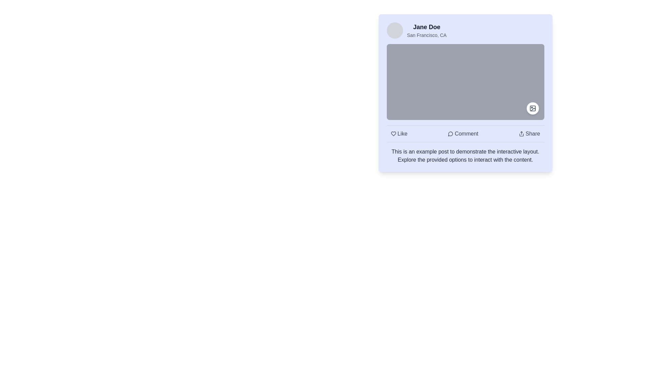  What do you see at coordinates (402, 134) in the screenshot?
I see `the 'Like' text label located in the lower left corner of the card` at bounding box center [402, 134].